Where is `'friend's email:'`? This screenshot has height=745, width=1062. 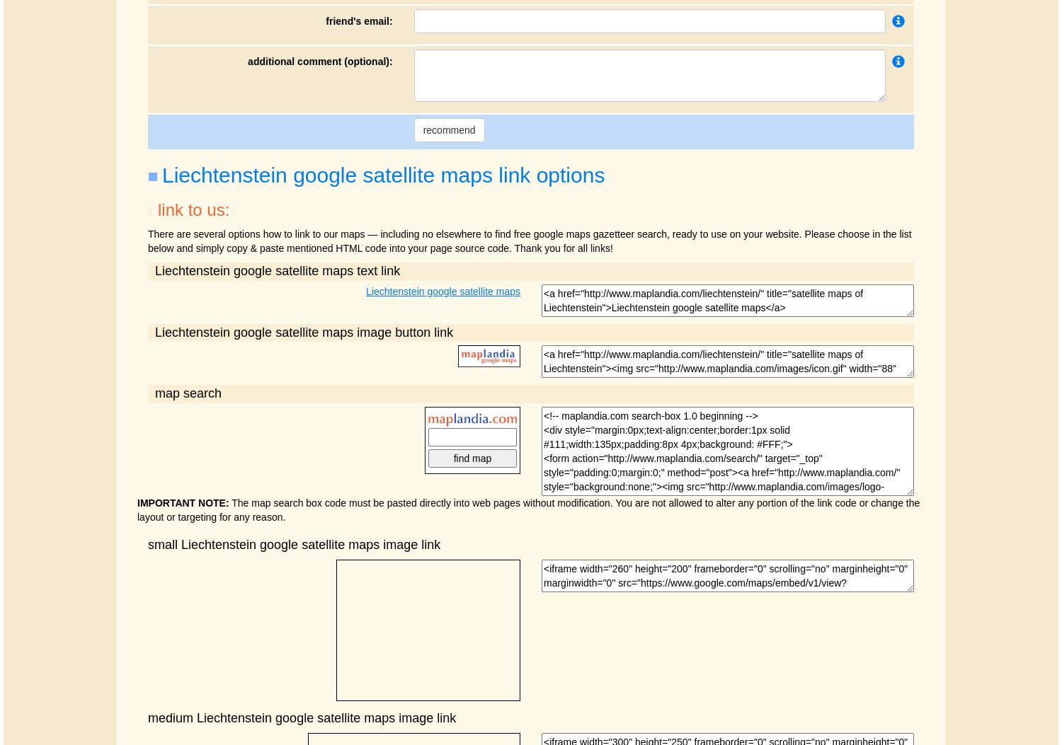 'friend's email:' is located at coordinates (359, 21).